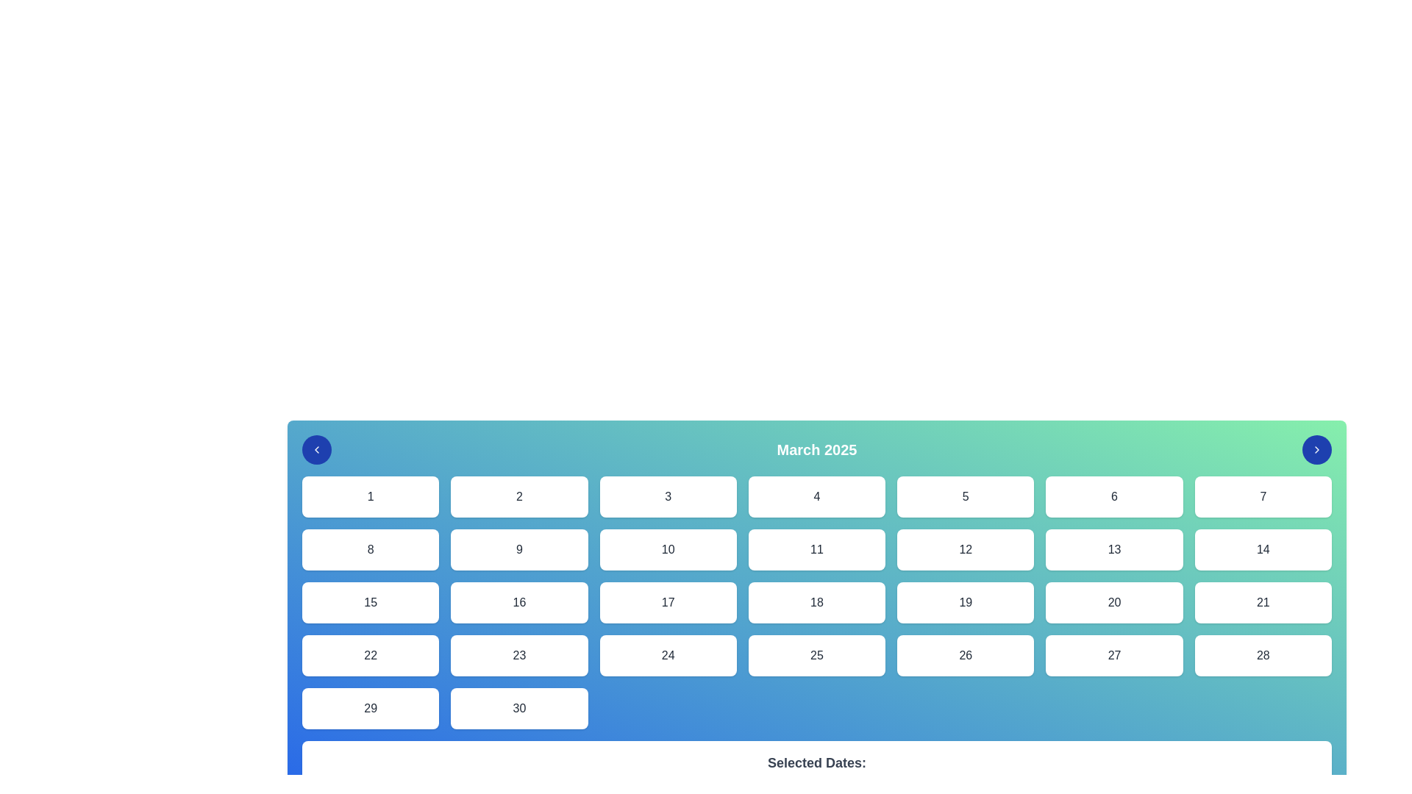  What do you see at coordinates (1114, 654) in the screenshot?
I see `the selectable date button located in the bottom-most row of the calendar interface, specifically the sixth item in a 7-column grid layout` at bounding box center [1114, 654].